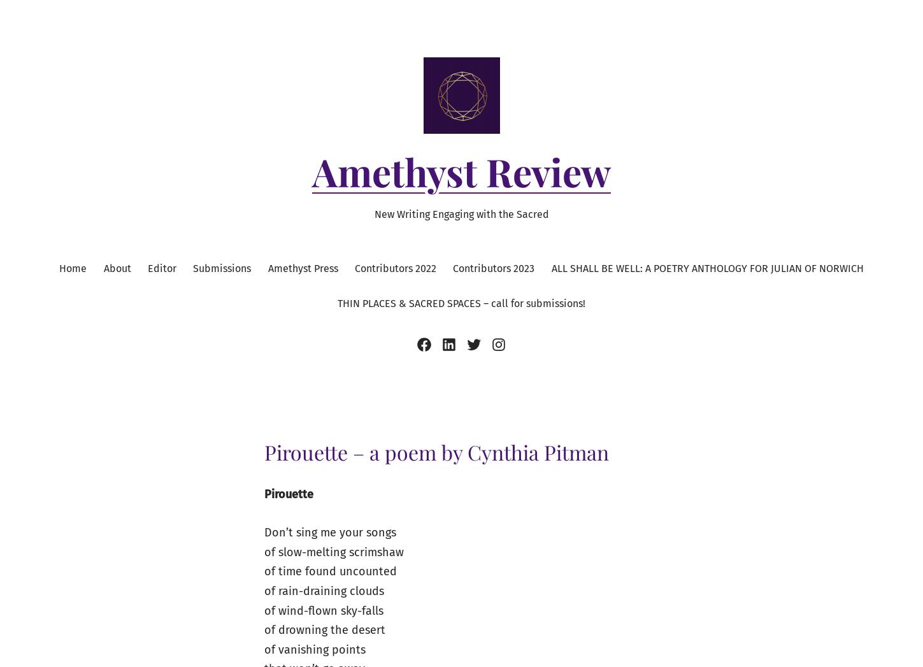  I want to click on 'of drowning the desert', so click(324, 629).